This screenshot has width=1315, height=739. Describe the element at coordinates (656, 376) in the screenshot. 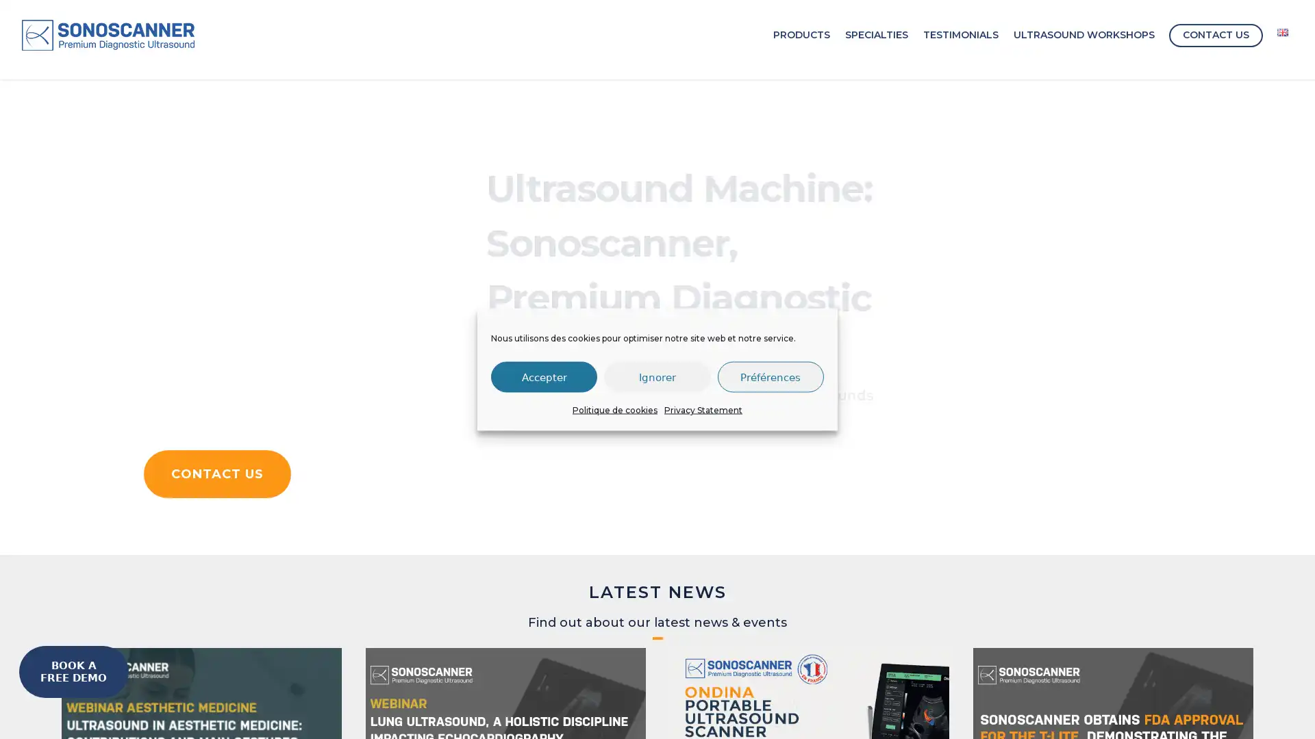

I see `Ignorer` at that location.